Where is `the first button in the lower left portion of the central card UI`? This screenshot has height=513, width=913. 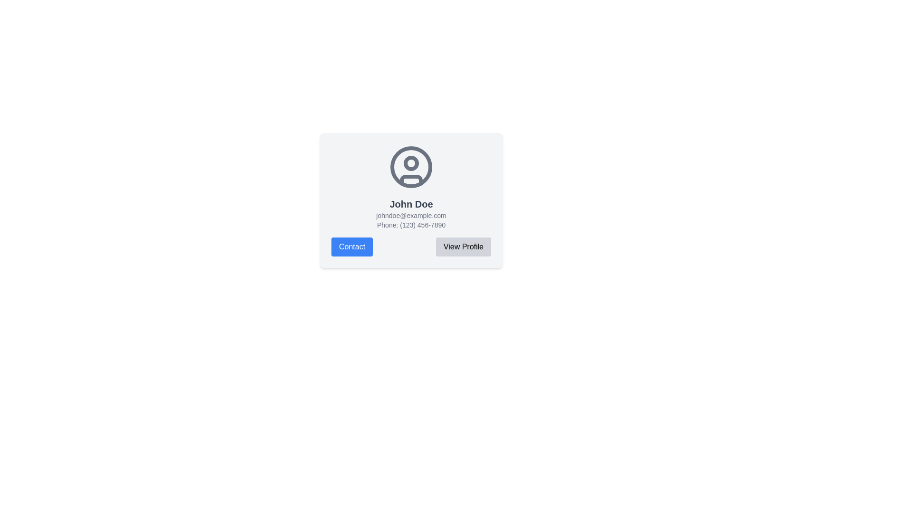
the first button in the lower left portion of the central card UI is located at coordinates (351, 247).